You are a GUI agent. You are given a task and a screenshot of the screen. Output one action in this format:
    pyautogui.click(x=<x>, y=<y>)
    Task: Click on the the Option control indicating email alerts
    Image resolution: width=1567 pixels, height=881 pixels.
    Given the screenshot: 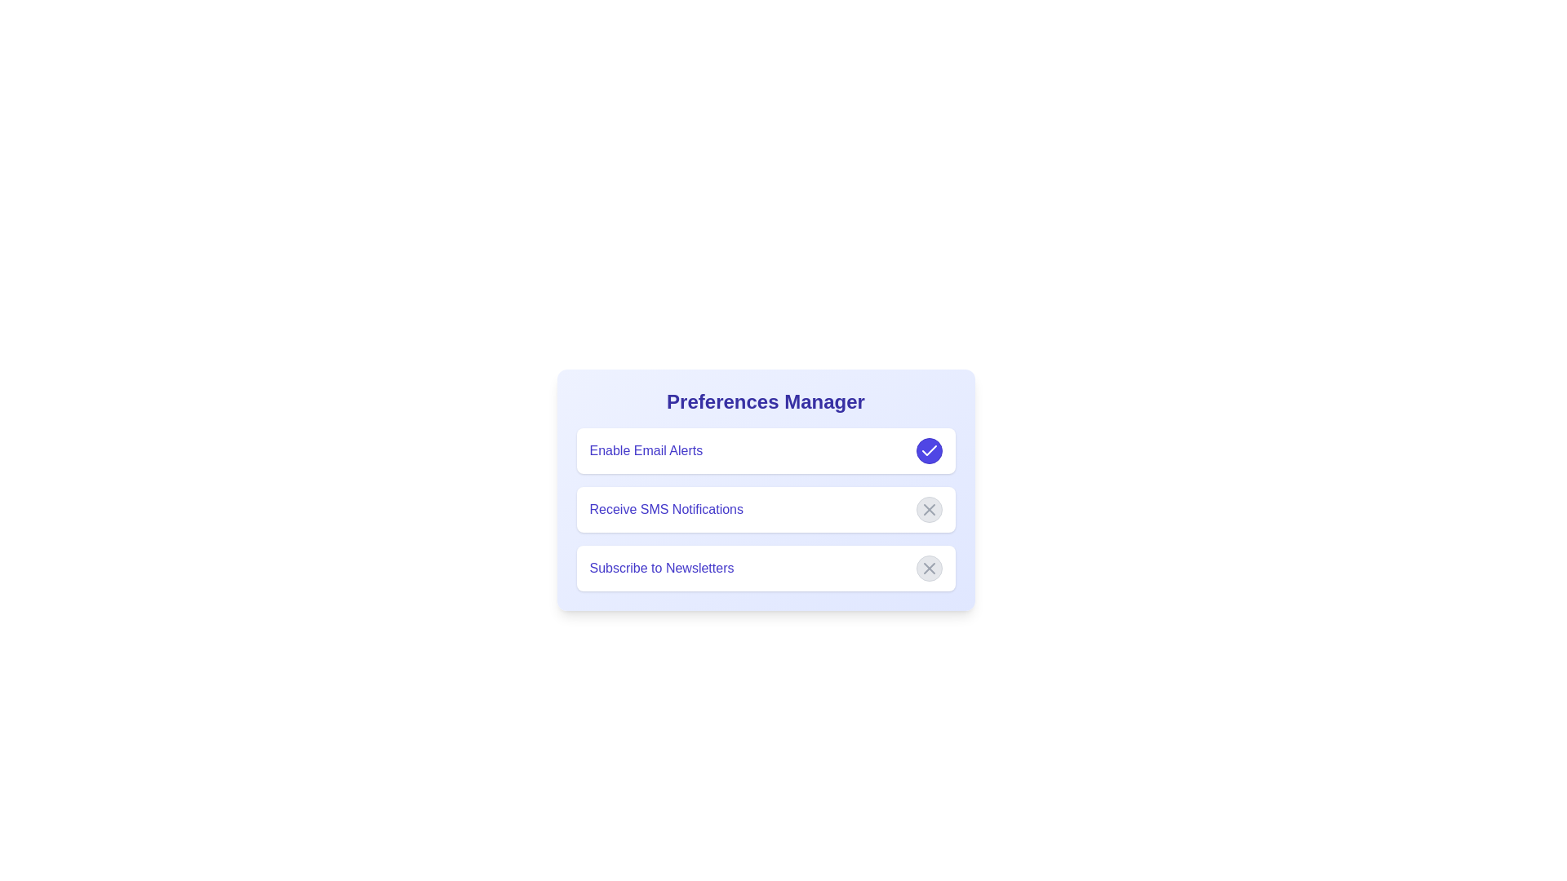 What is the action you would take?
    pyautogui.click(x=765, y=450)
    